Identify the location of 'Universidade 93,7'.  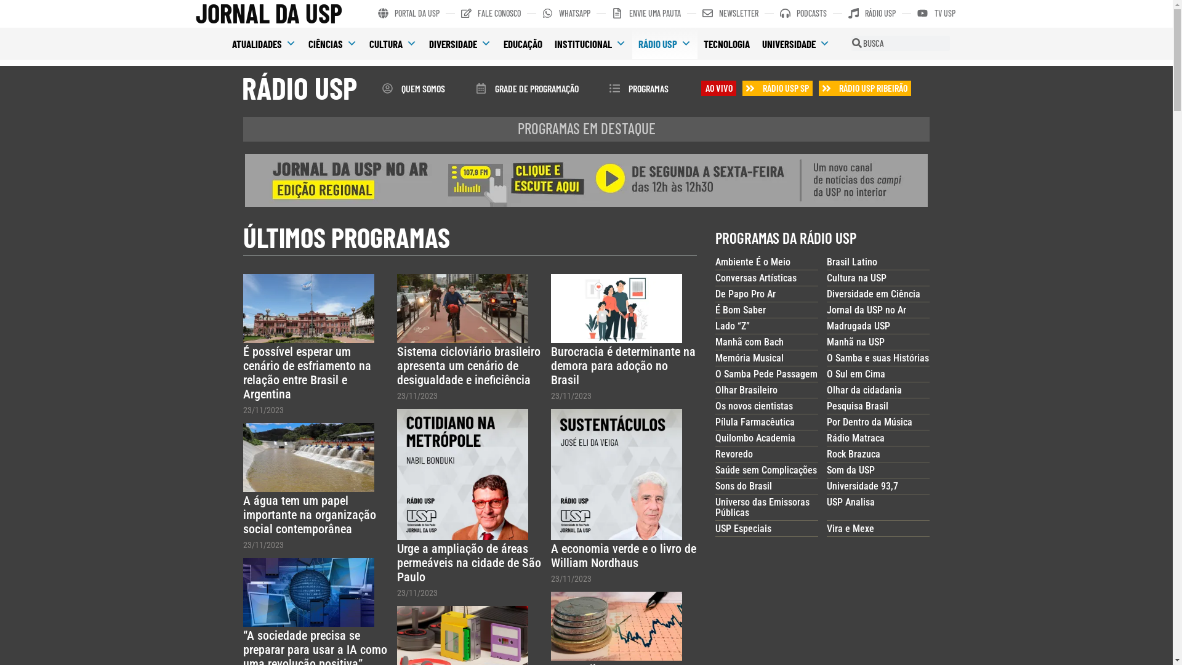
(862, 485).